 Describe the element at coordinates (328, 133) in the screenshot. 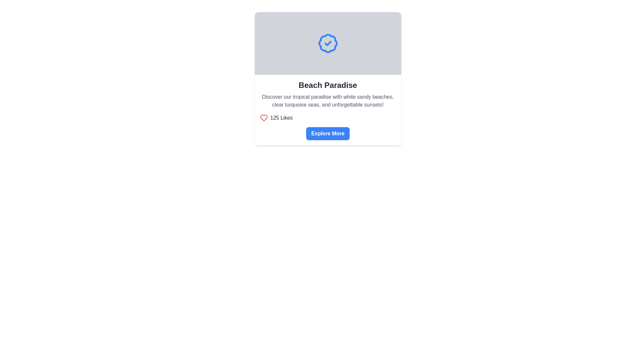

I see `the rectangular button with rounded corners and a blue background labeled 'Explore More'` at that location.